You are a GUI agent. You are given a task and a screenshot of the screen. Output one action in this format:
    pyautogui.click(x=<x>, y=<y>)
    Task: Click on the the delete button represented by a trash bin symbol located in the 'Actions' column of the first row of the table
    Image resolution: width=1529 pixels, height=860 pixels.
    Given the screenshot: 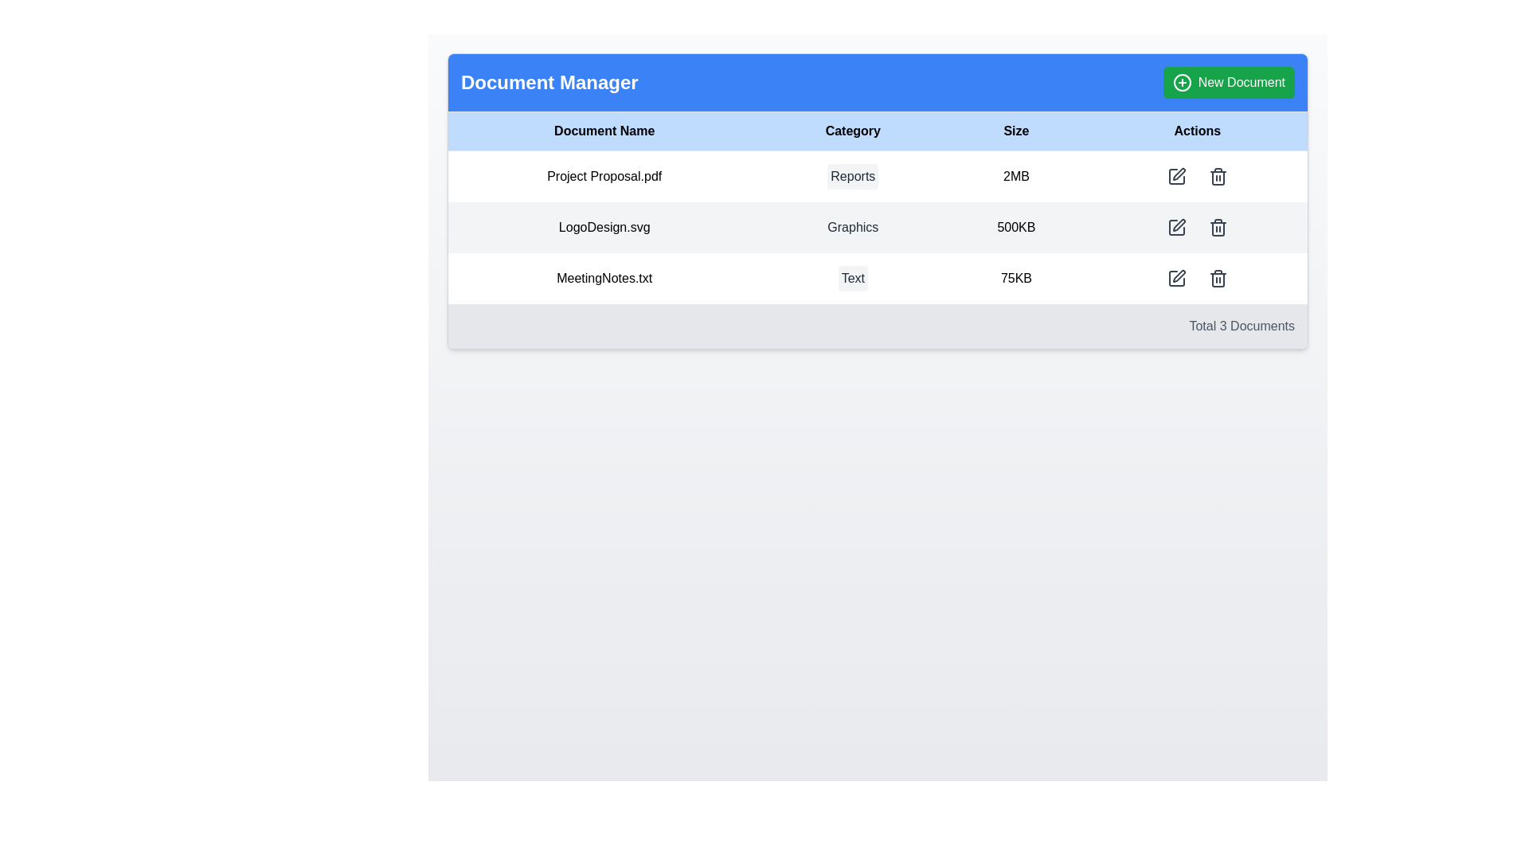 What is the action you would take?
    pyautogui.click(x=1217, y=177)
    